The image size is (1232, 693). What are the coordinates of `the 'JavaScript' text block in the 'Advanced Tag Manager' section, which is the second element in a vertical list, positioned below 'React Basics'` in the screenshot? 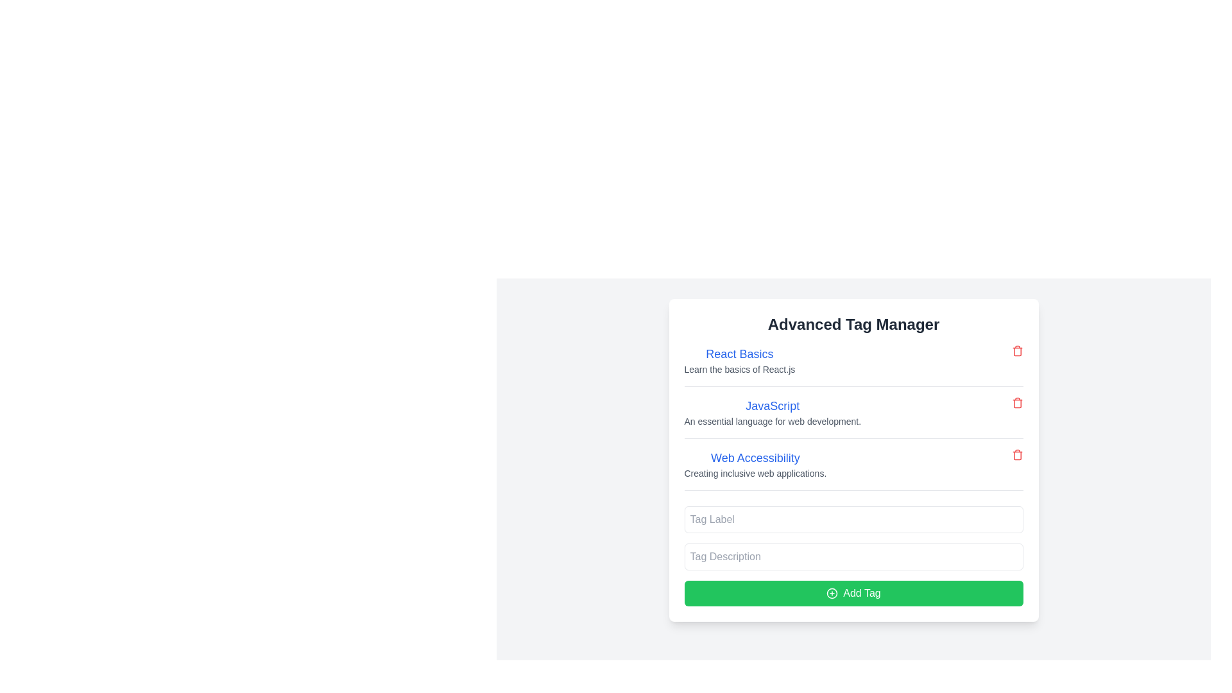 It's located at (772, 413).